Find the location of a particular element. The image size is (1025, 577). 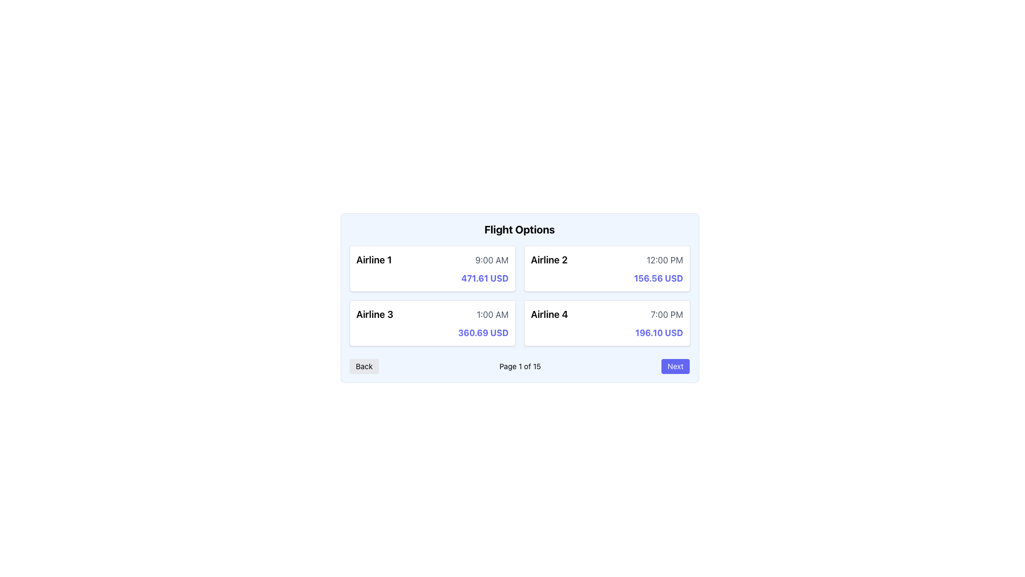

the text label displaying 'Airline 4', which is styled with a bold font and larger size, located in the bottom right corner of the interface within the fourth white card in a two-by-two grid layout is located at coordinates (549, 314).